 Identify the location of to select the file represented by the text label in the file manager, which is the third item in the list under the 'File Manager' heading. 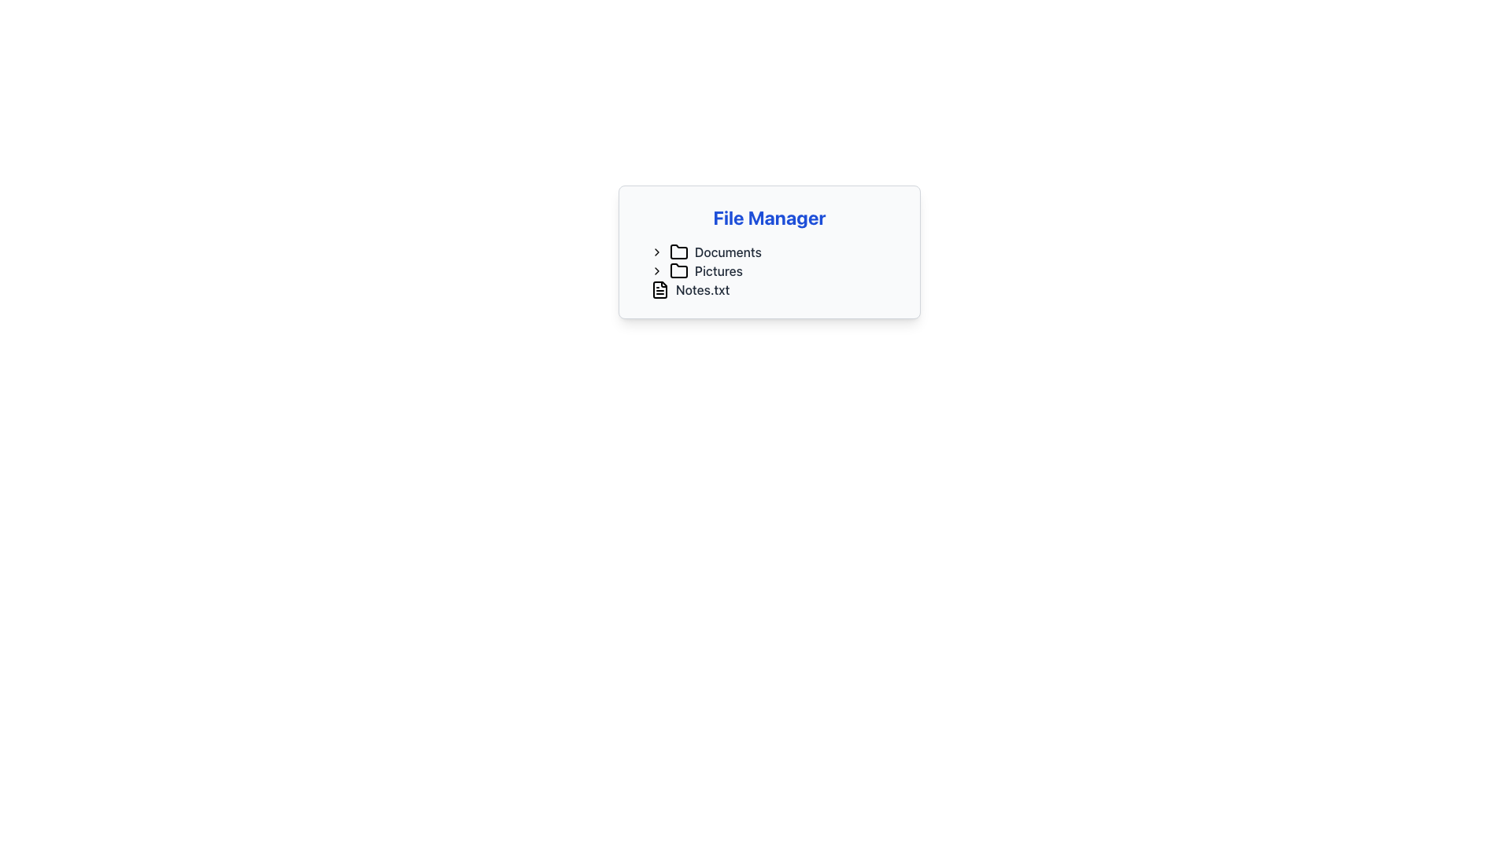
(701, 290).